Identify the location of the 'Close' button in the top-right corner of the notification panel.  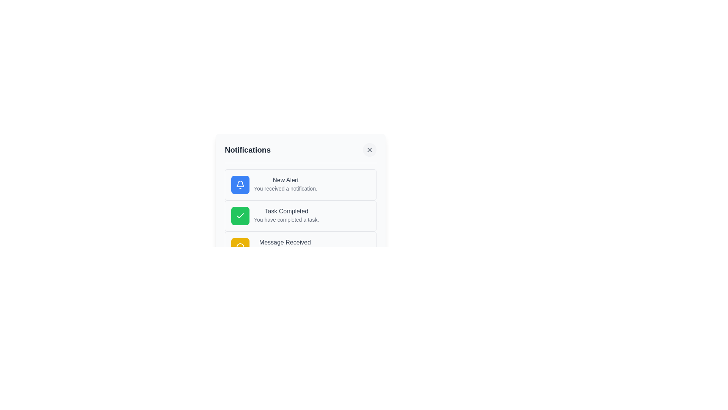
(369, 150).